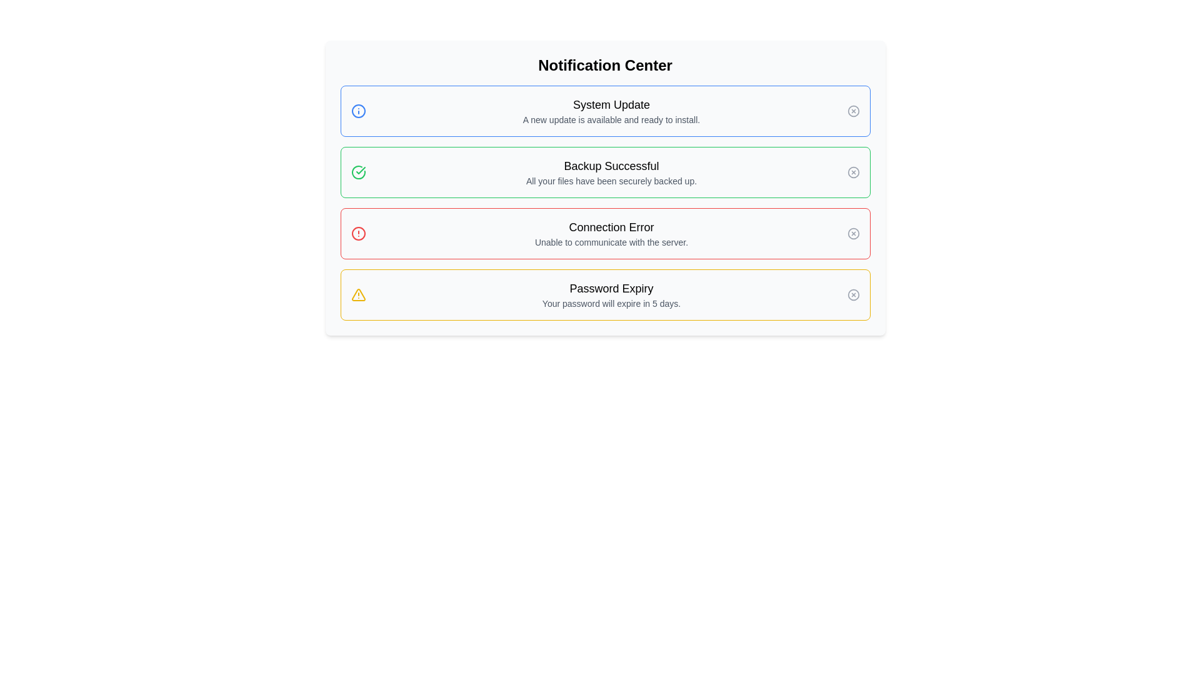 The height and width of the screenshot is (675, 1200). Describe the element at coordinates (611, 227) in the screenshot. I see `the text label that indicates a connection error in the third notification box from the top, which is positioned above the message 'Unable to communicate with the server.'` at that location.